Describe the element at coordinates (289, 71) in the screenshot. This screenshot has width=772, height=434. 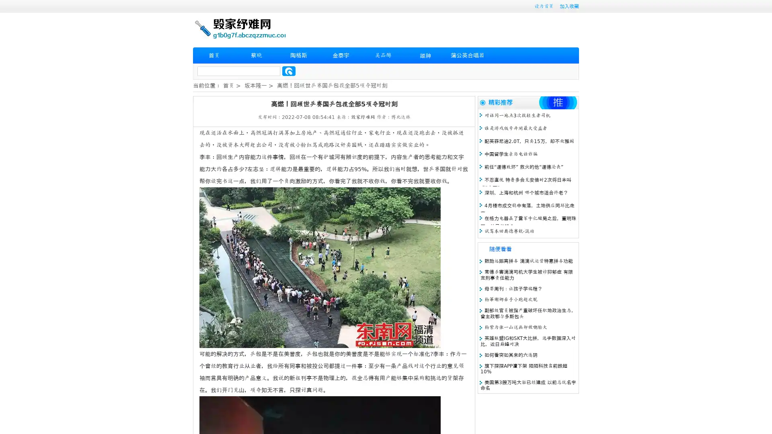
I see `Search` at that location.